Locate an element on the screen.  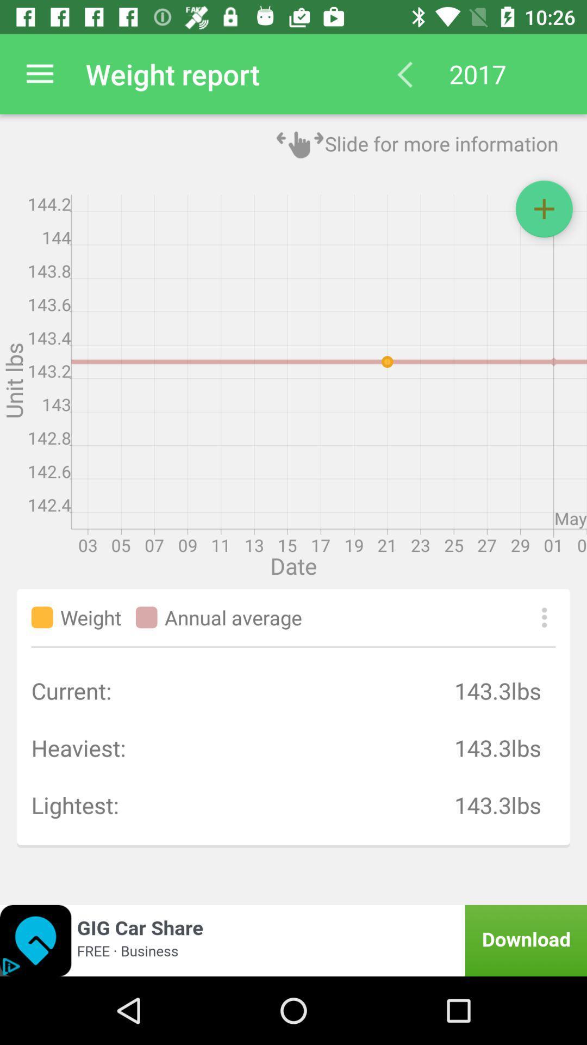
the add icon is located at coordinates (544, 209).